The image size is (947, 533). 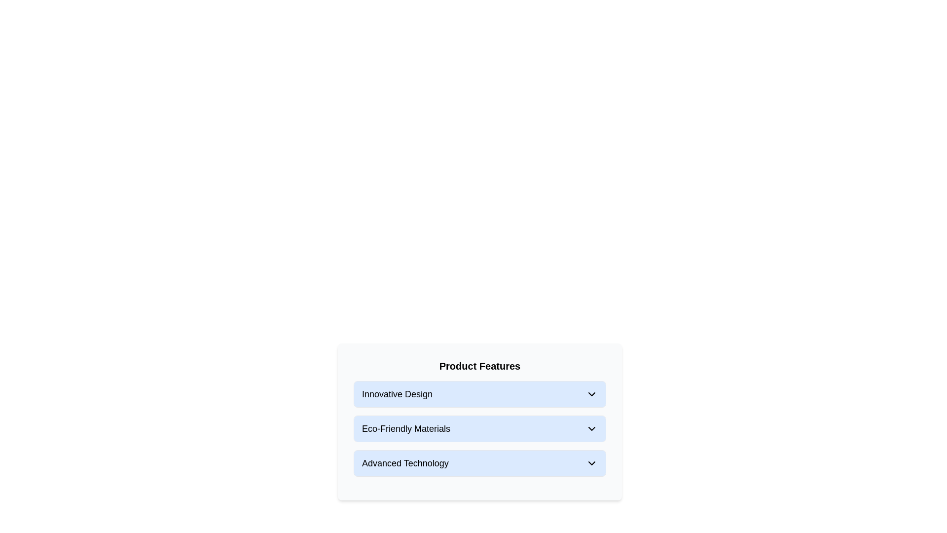 I want to click on the Dropdown indicator icon, which is a small, downward-pointing chevron icon located at the far-right of the row labeled 'Innovative Design', so click(x=592, y=393).